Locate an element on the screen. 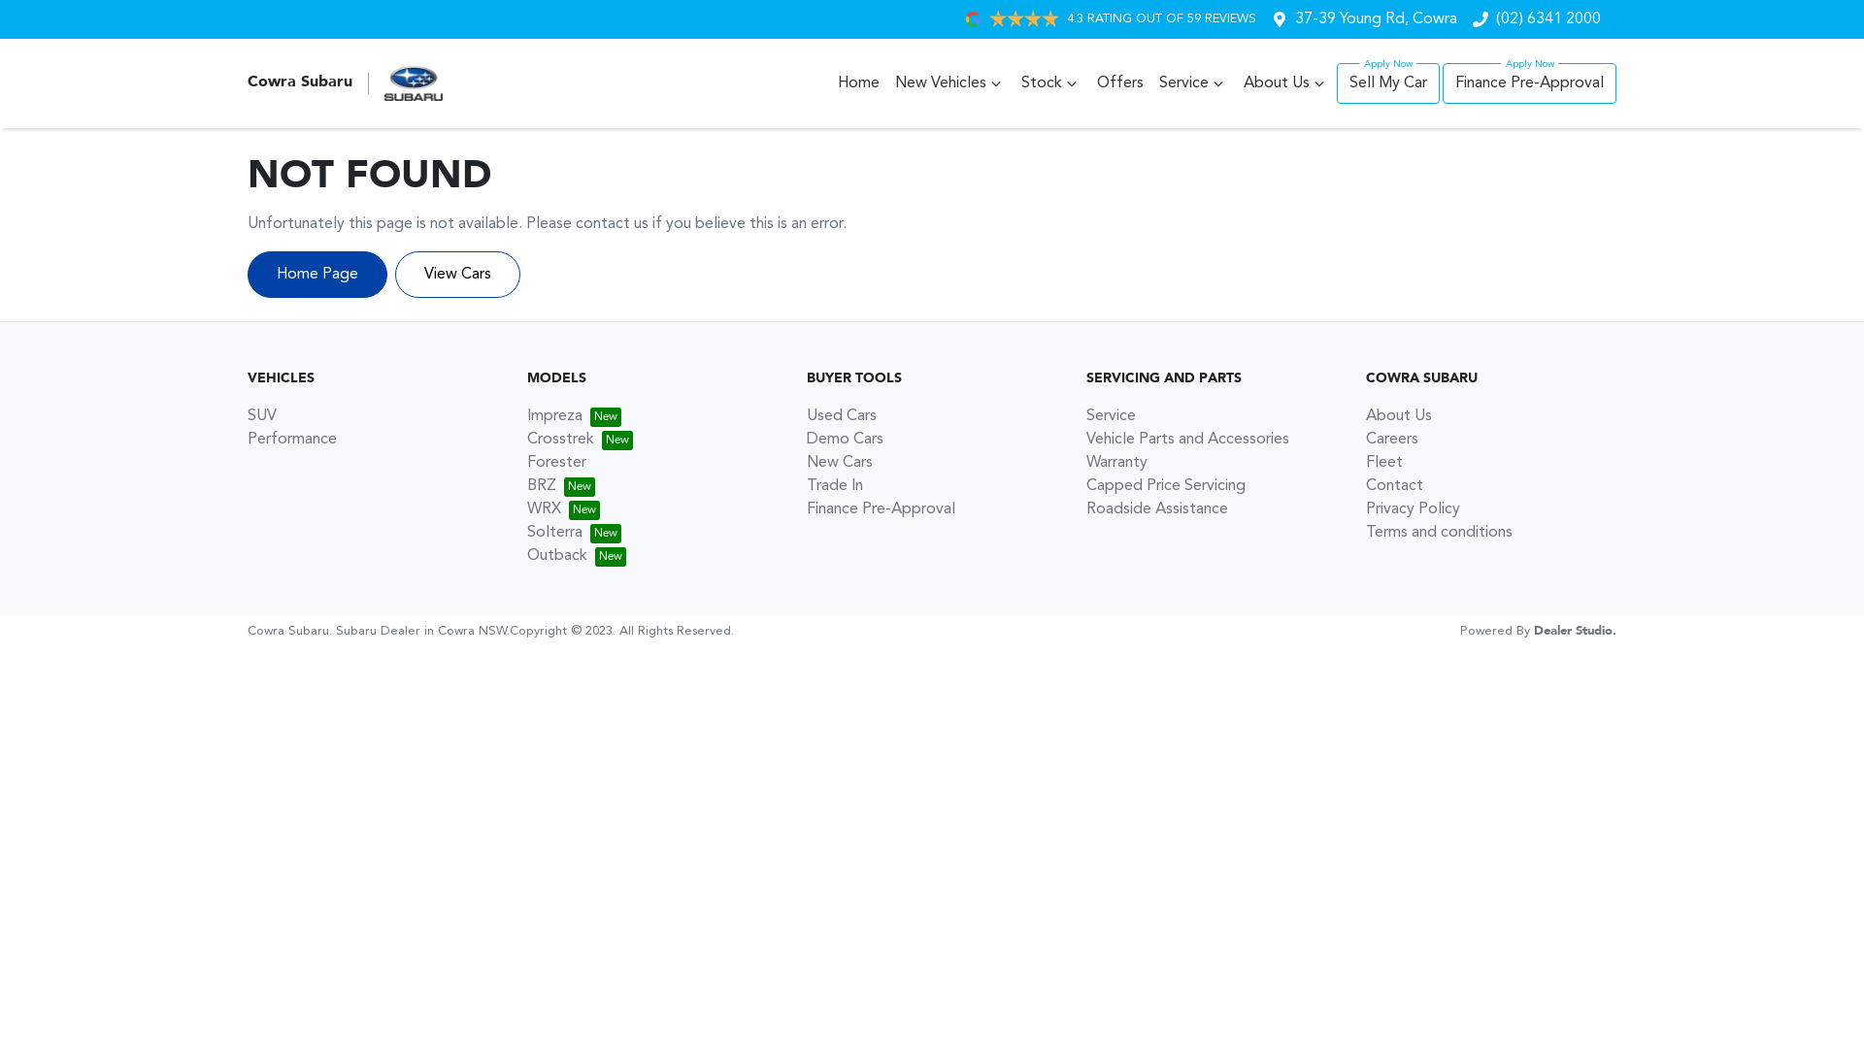 The image size is (1864, 1048). 'Vehicle Parts and Accessories' is located at coordinates (1186, 439).